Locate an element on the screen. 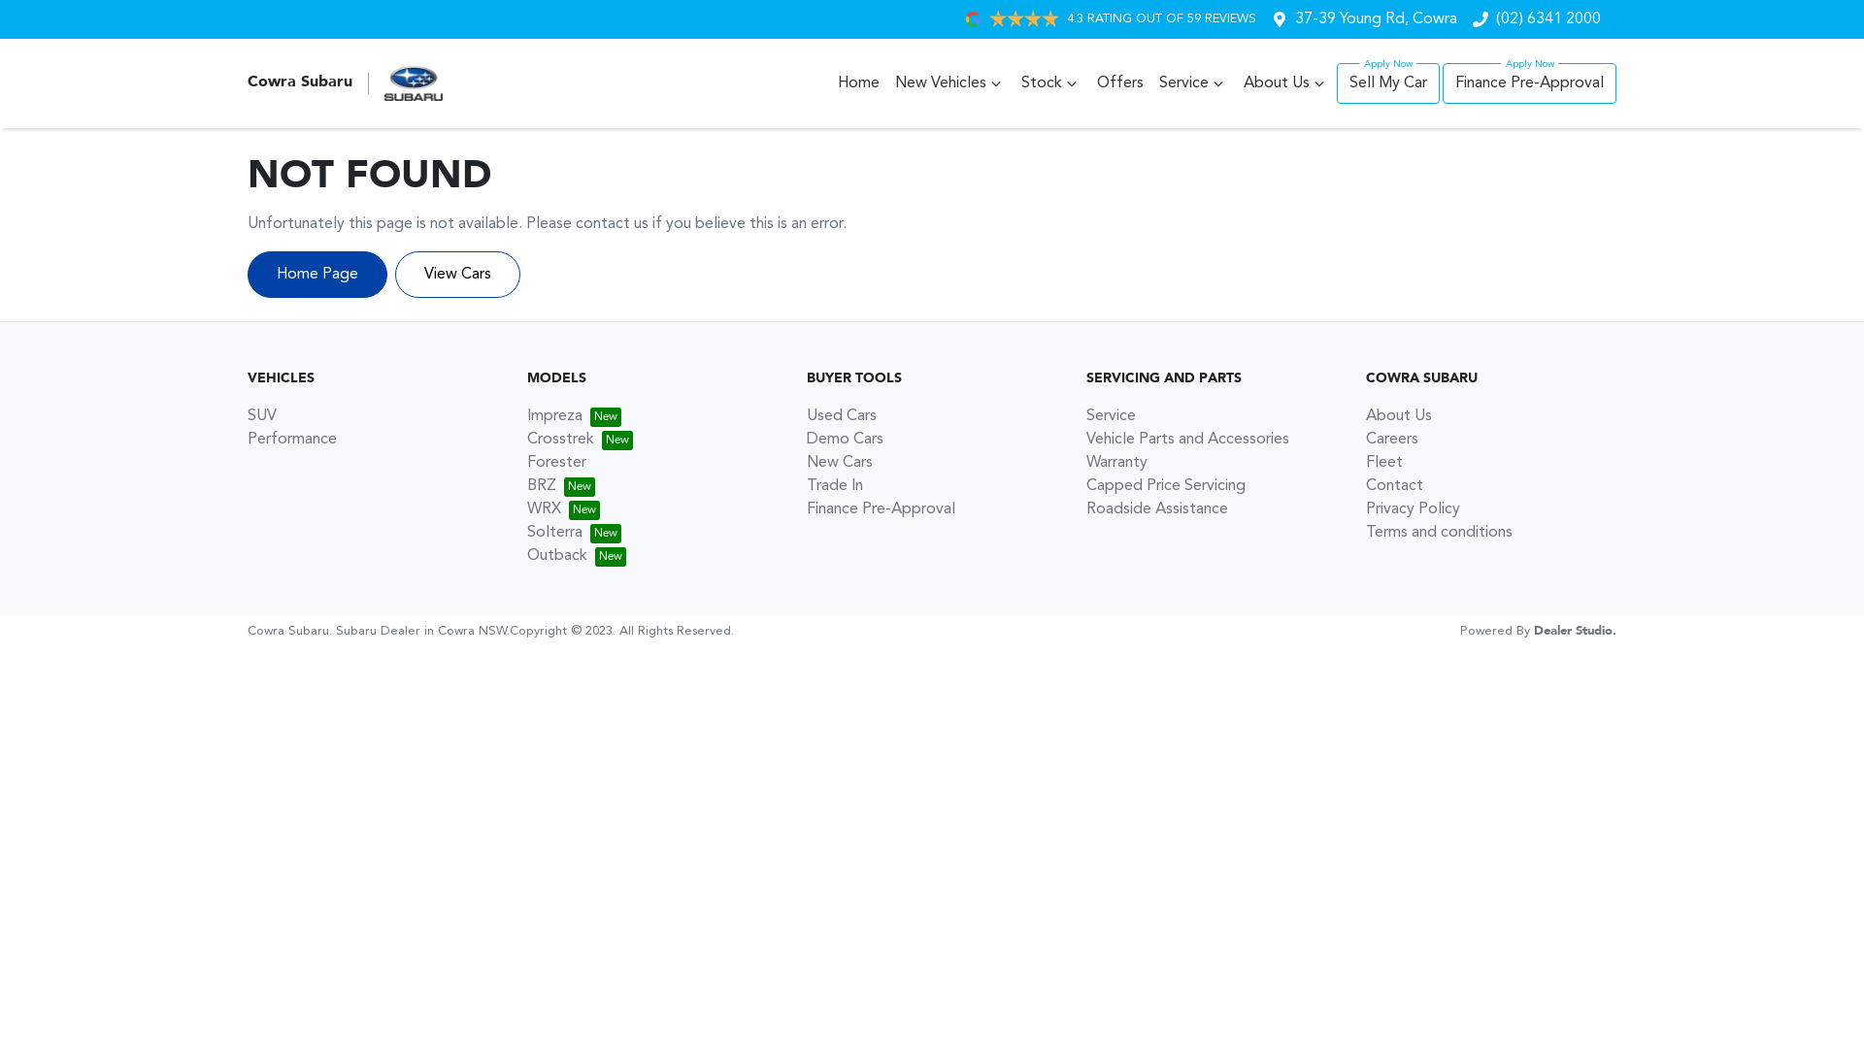 The image size is (1864, 1048). 'Vehicle Parts and Accessories' is located at coordinates (1186, 439).